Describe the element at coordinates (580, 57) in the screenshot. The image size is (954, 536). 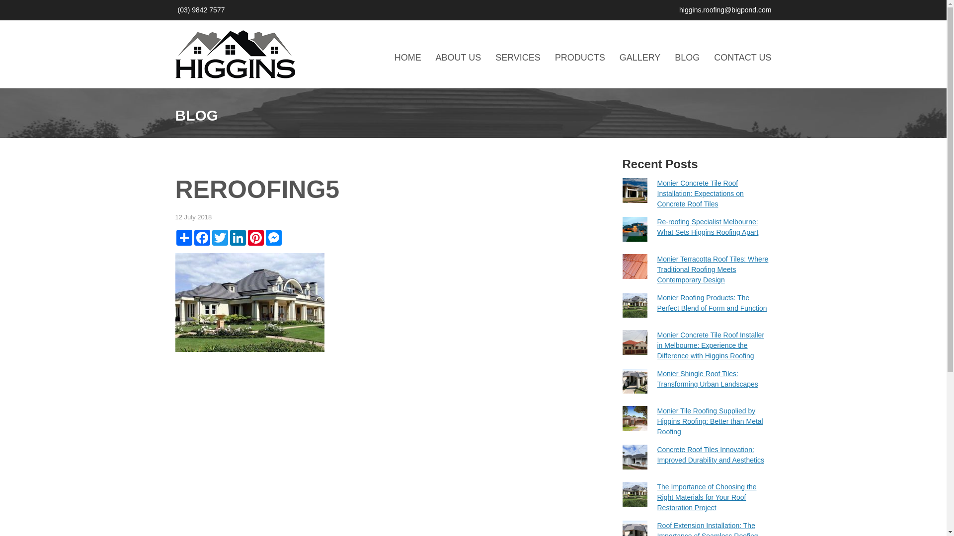
I see `'PRODUCTS'` at that location.